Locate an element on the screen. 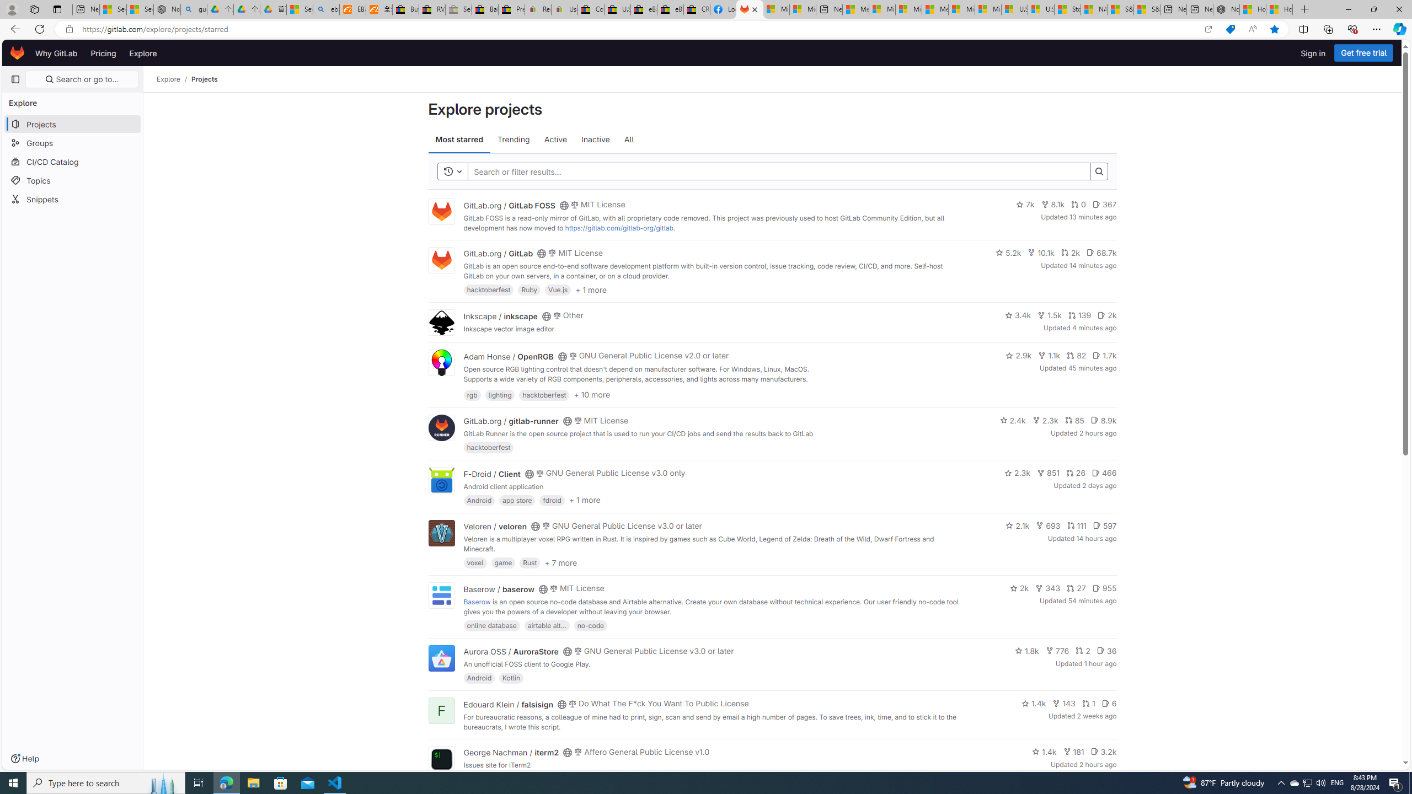 The width and height of the screenshot is (1412, 794). 'Toggle history' is located at coordinates (452, 171).